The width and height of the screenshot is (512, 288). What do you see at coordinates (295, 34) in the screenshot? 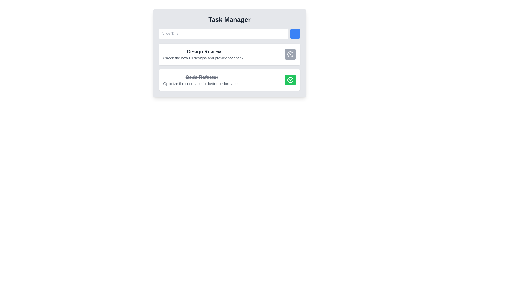
I see `the blue circular button containing the plus symbol SVG icon, which is located to the right of the 'New Task' input field` at bounding box center [295, 34].